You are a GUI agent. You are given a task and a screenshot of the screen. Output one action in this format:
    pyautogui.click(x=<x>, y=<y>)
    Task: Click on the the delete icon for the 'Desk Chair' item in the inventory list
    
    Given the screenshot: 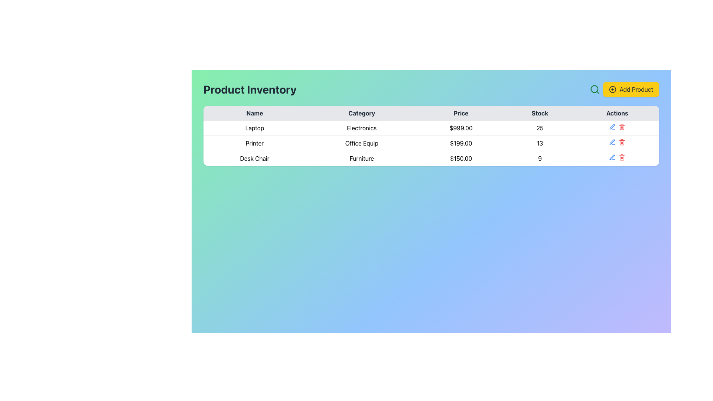 What is the action you would take?
    pyautogui.click(x=622, y=157)
    